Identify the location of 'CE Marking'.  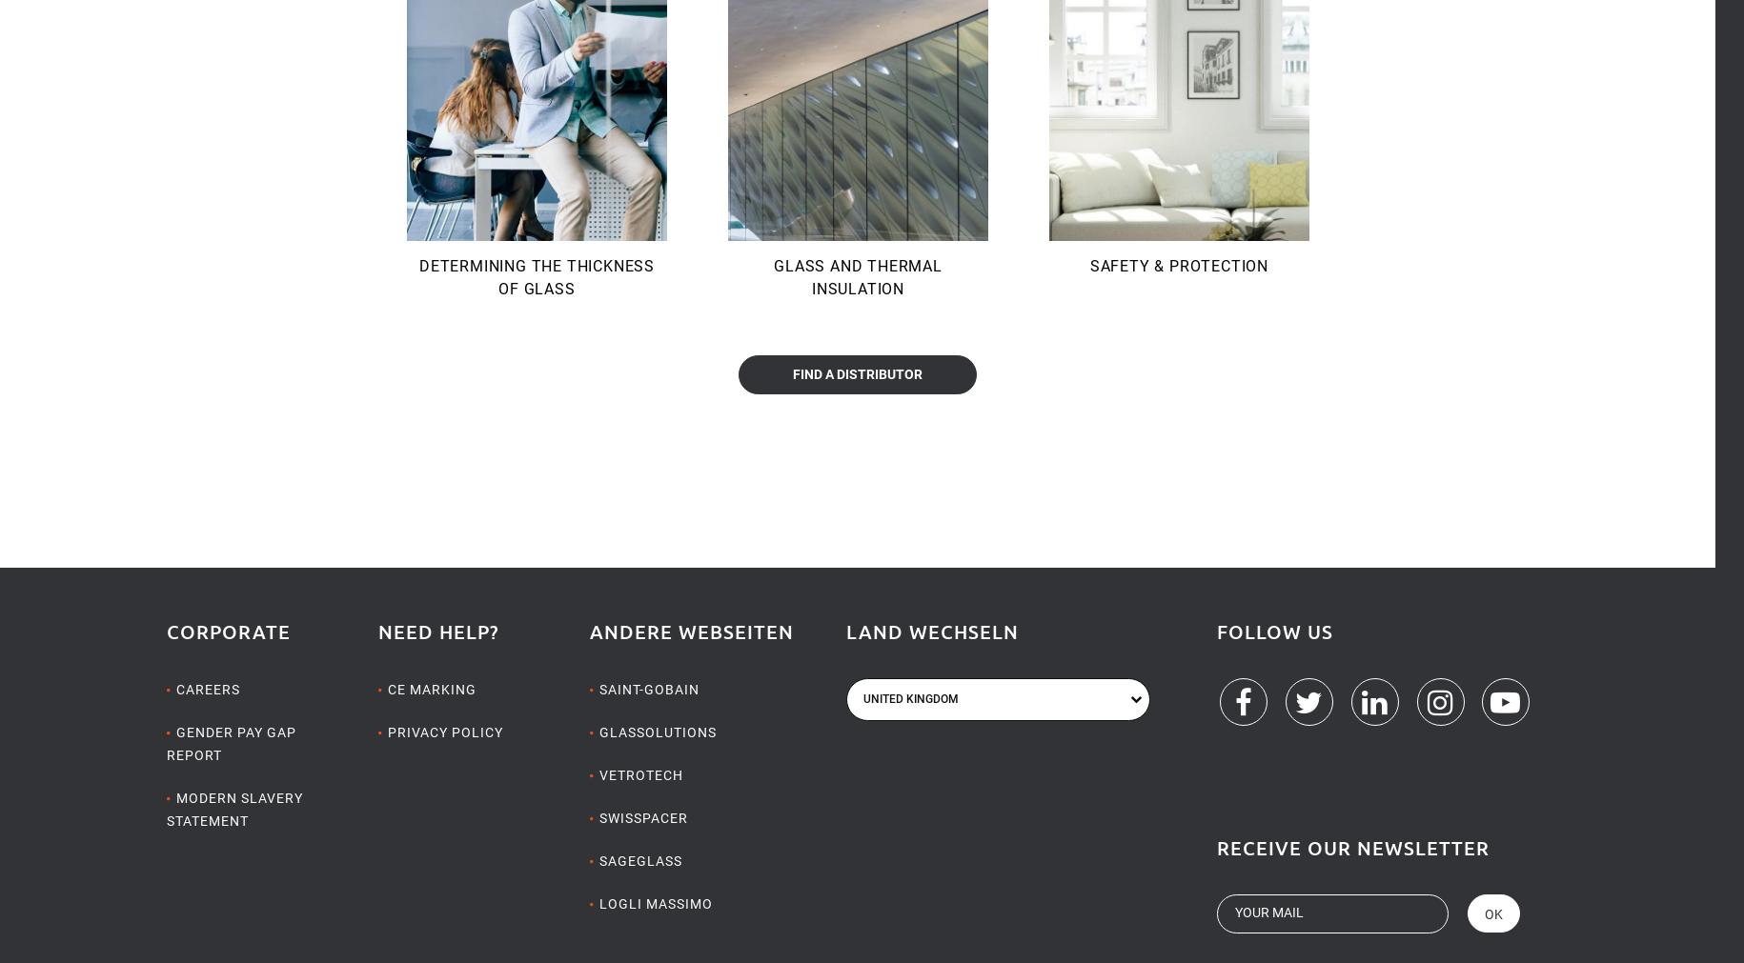
(386, 688).